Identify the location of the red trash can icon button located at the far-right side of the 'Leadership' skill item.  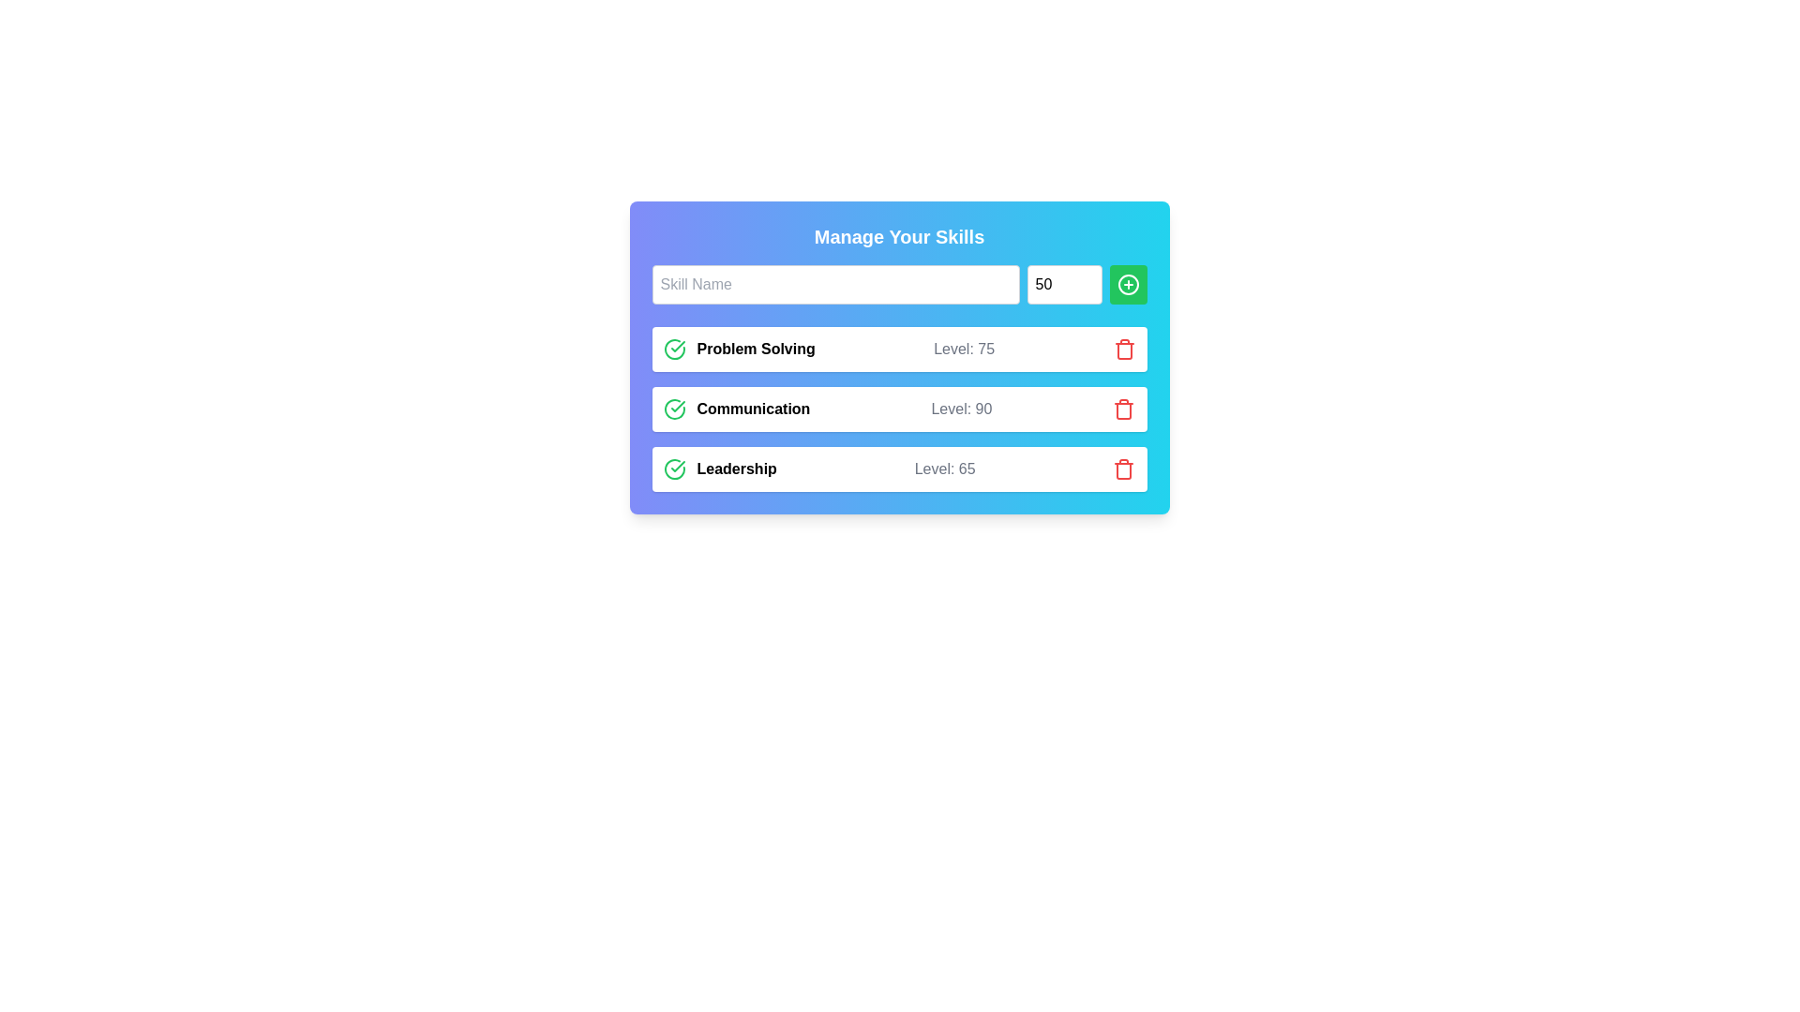
(1124, 469).